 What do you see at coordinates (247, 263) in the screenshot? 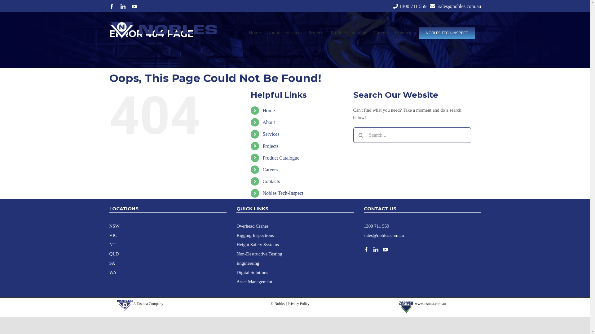
I see `'Engineering'` at bounding box center [247, 263].